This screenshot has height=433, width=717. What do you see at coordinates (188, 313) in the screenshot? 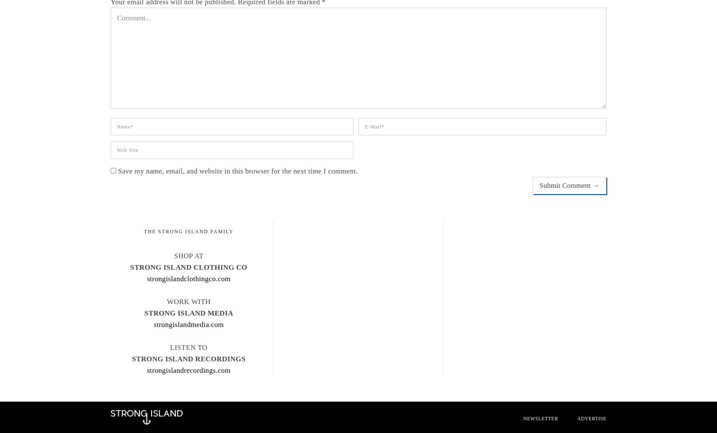
I see `'STRONG ISLAND MEDIA'` at bounding box center [188, 313].